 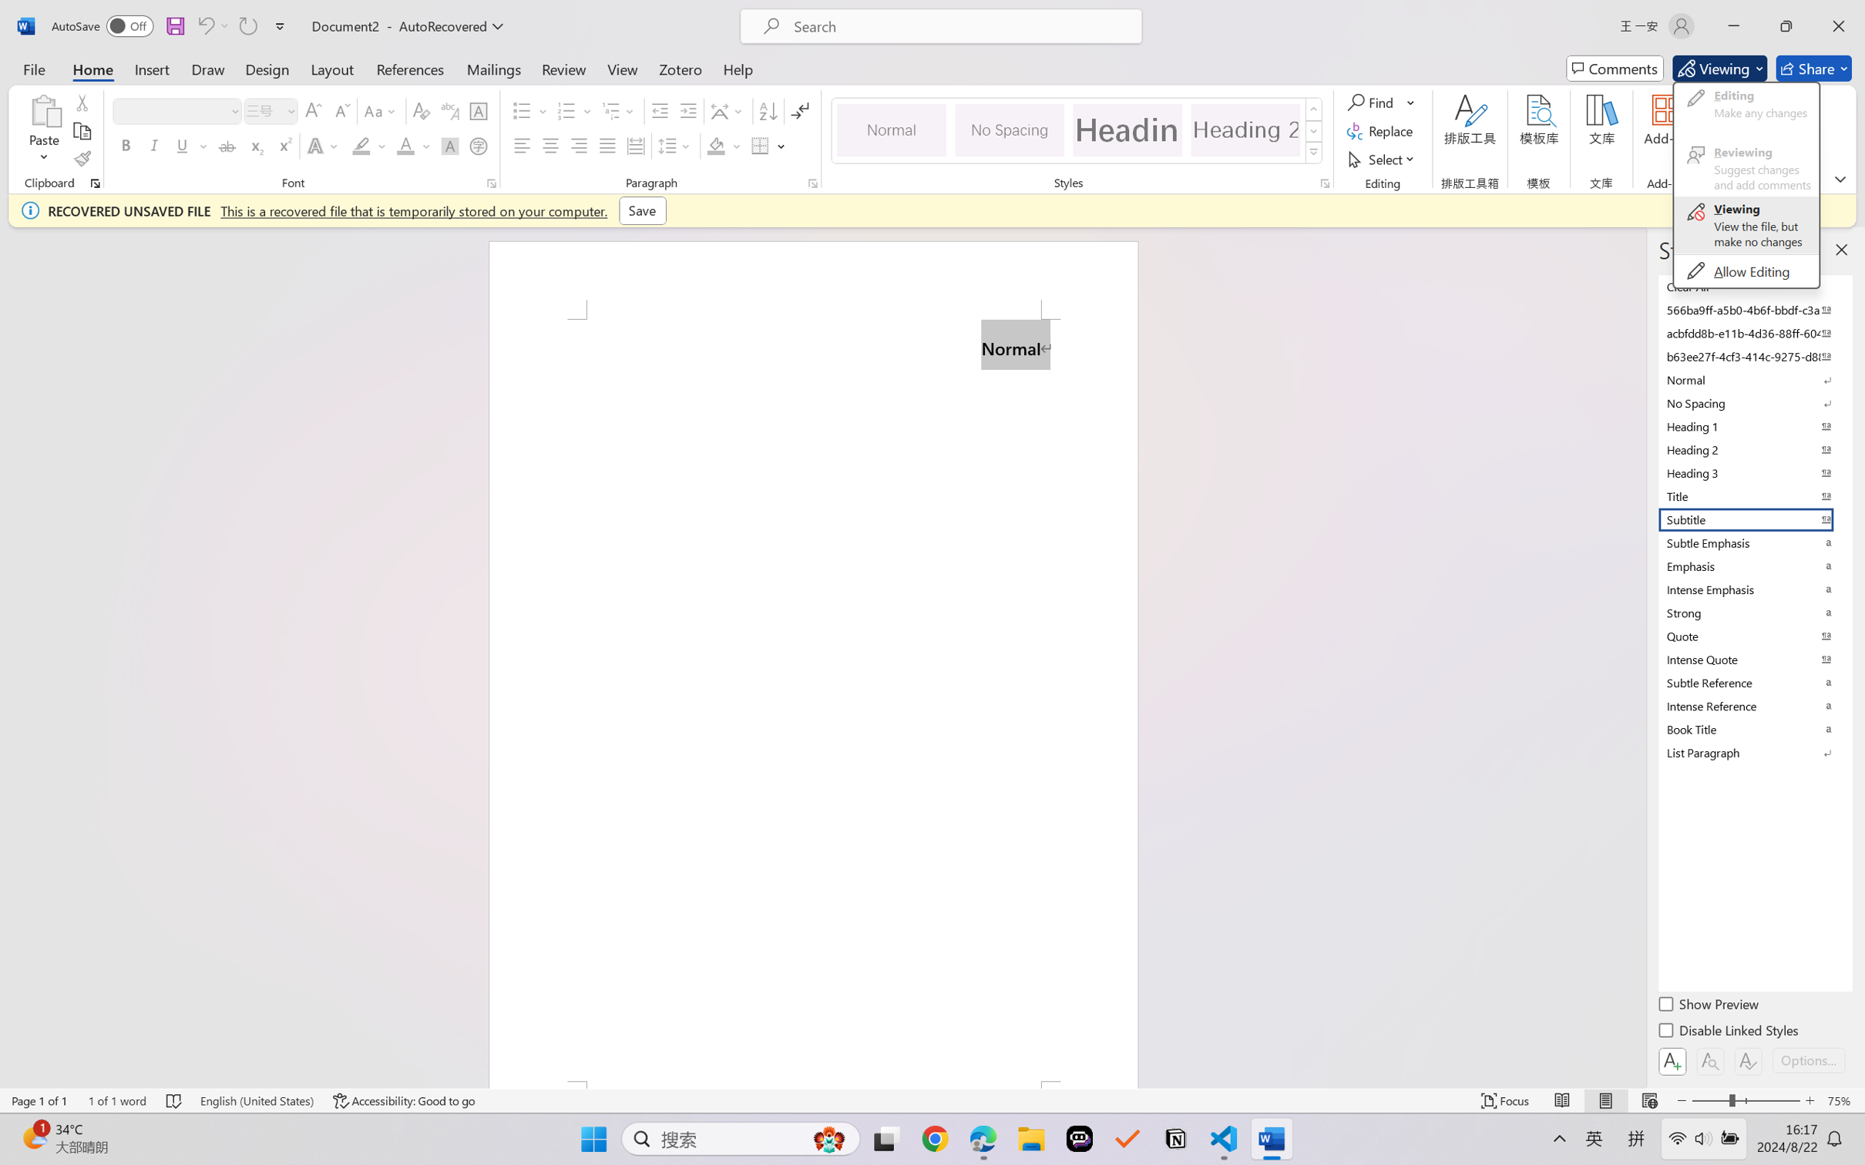 I want to click on 'Asian Layout', so click(x=728, y=111).